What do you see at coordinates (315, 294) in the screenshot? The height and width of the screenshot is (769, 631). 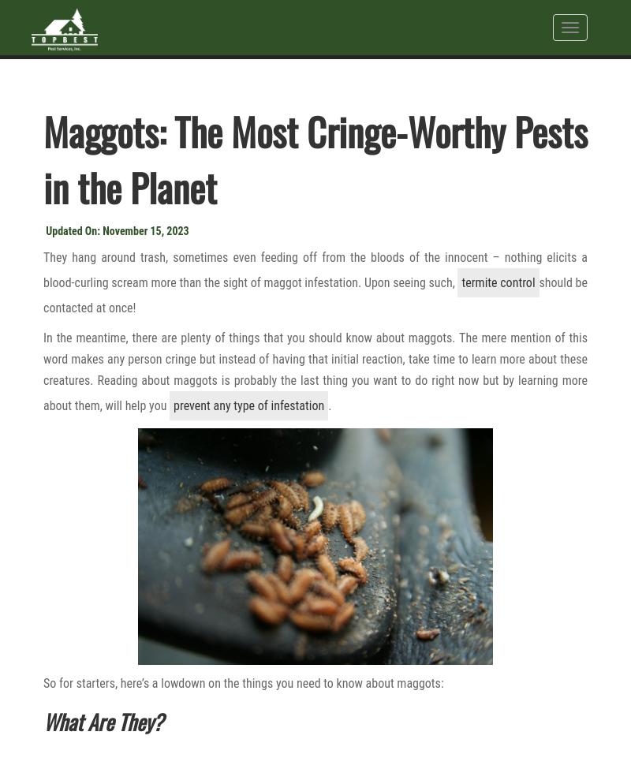 I see `'should be contacted at once!'` at bounding box center [315, 294].